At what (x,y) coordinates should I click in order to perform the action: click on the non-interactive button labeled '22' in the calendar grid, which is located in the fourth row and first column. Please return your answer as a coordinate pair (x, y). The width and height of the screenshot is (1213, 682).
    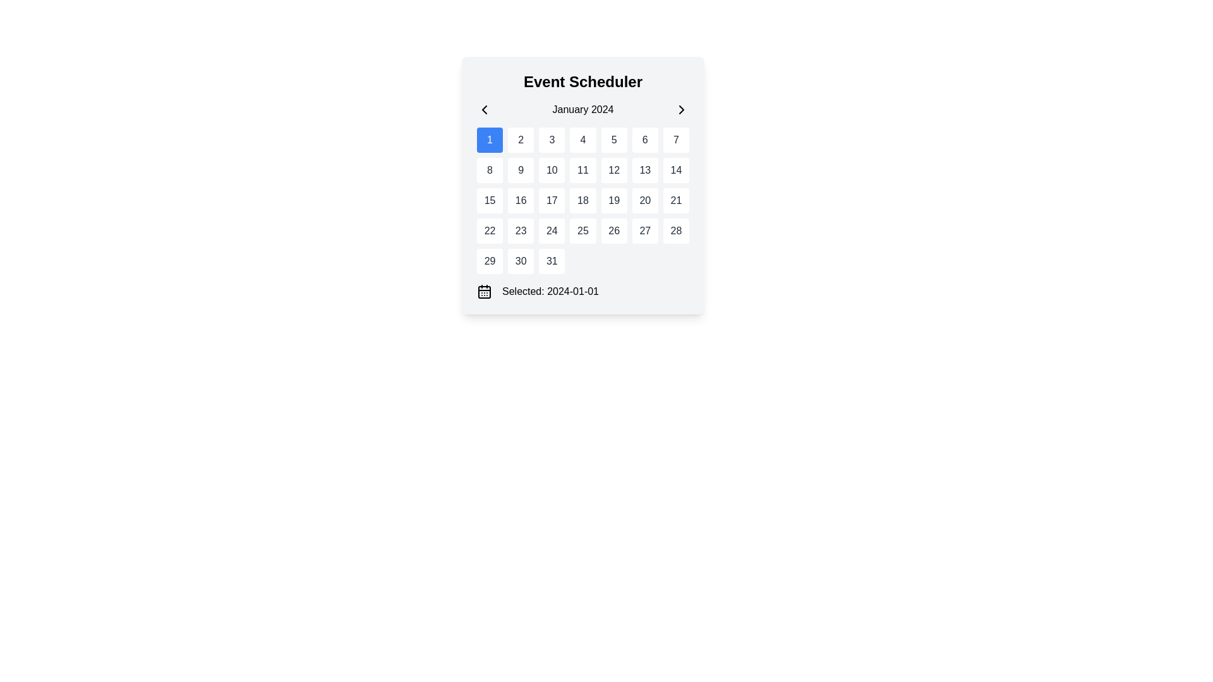
    Looking at the image, I should click on (489, 231).